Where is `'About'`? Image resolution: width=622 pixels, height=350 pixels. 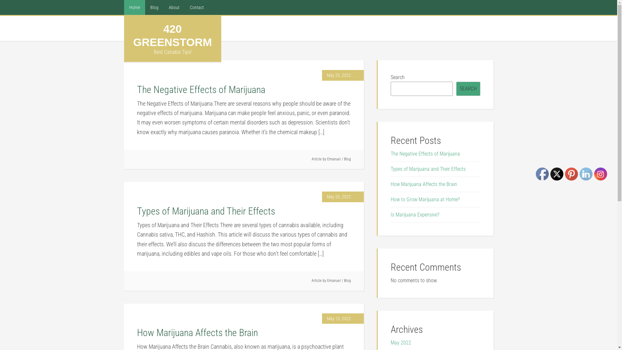
'About' is located at coordinates (174, 7).